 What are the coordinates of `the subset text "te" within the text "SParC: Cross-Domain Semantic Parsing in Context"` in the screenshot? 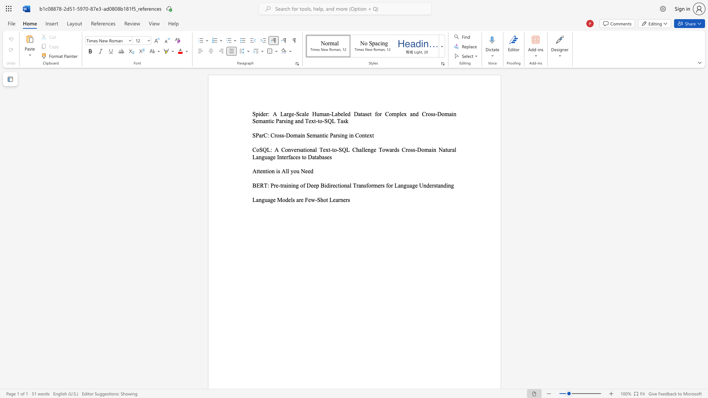 It's located at (365, 135).